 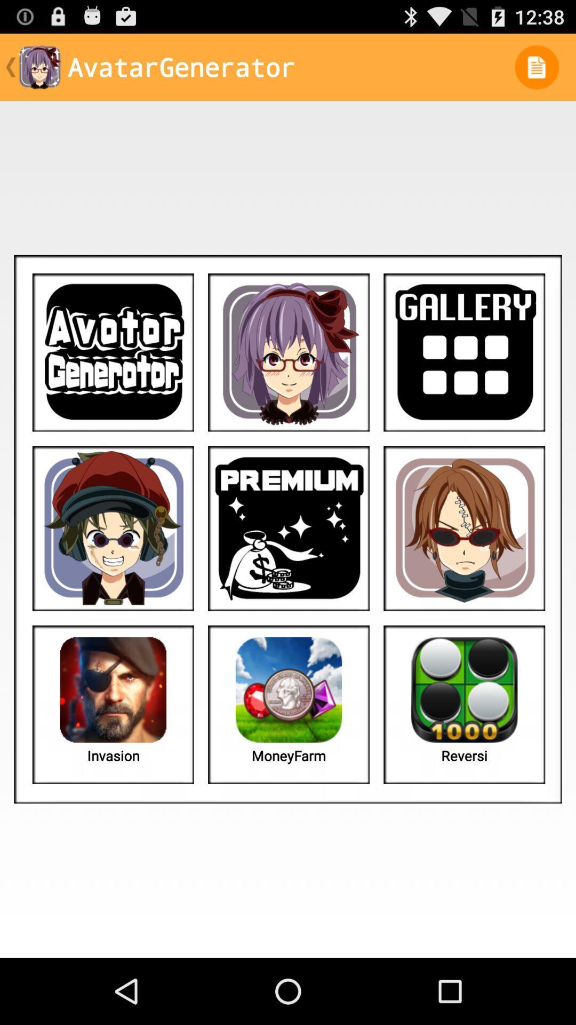 I want to click on the second image in the second row, so click(x=289, y=529).